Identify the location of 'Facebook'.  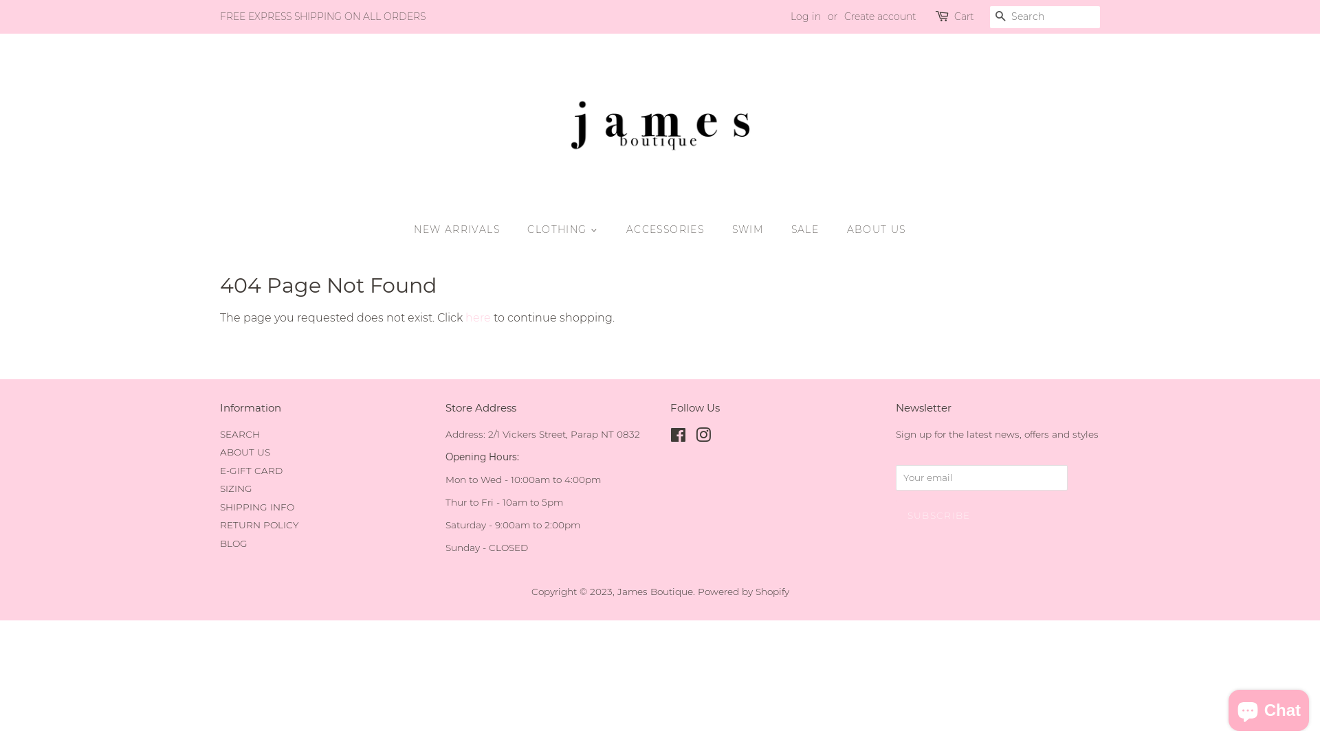
(670, 437).